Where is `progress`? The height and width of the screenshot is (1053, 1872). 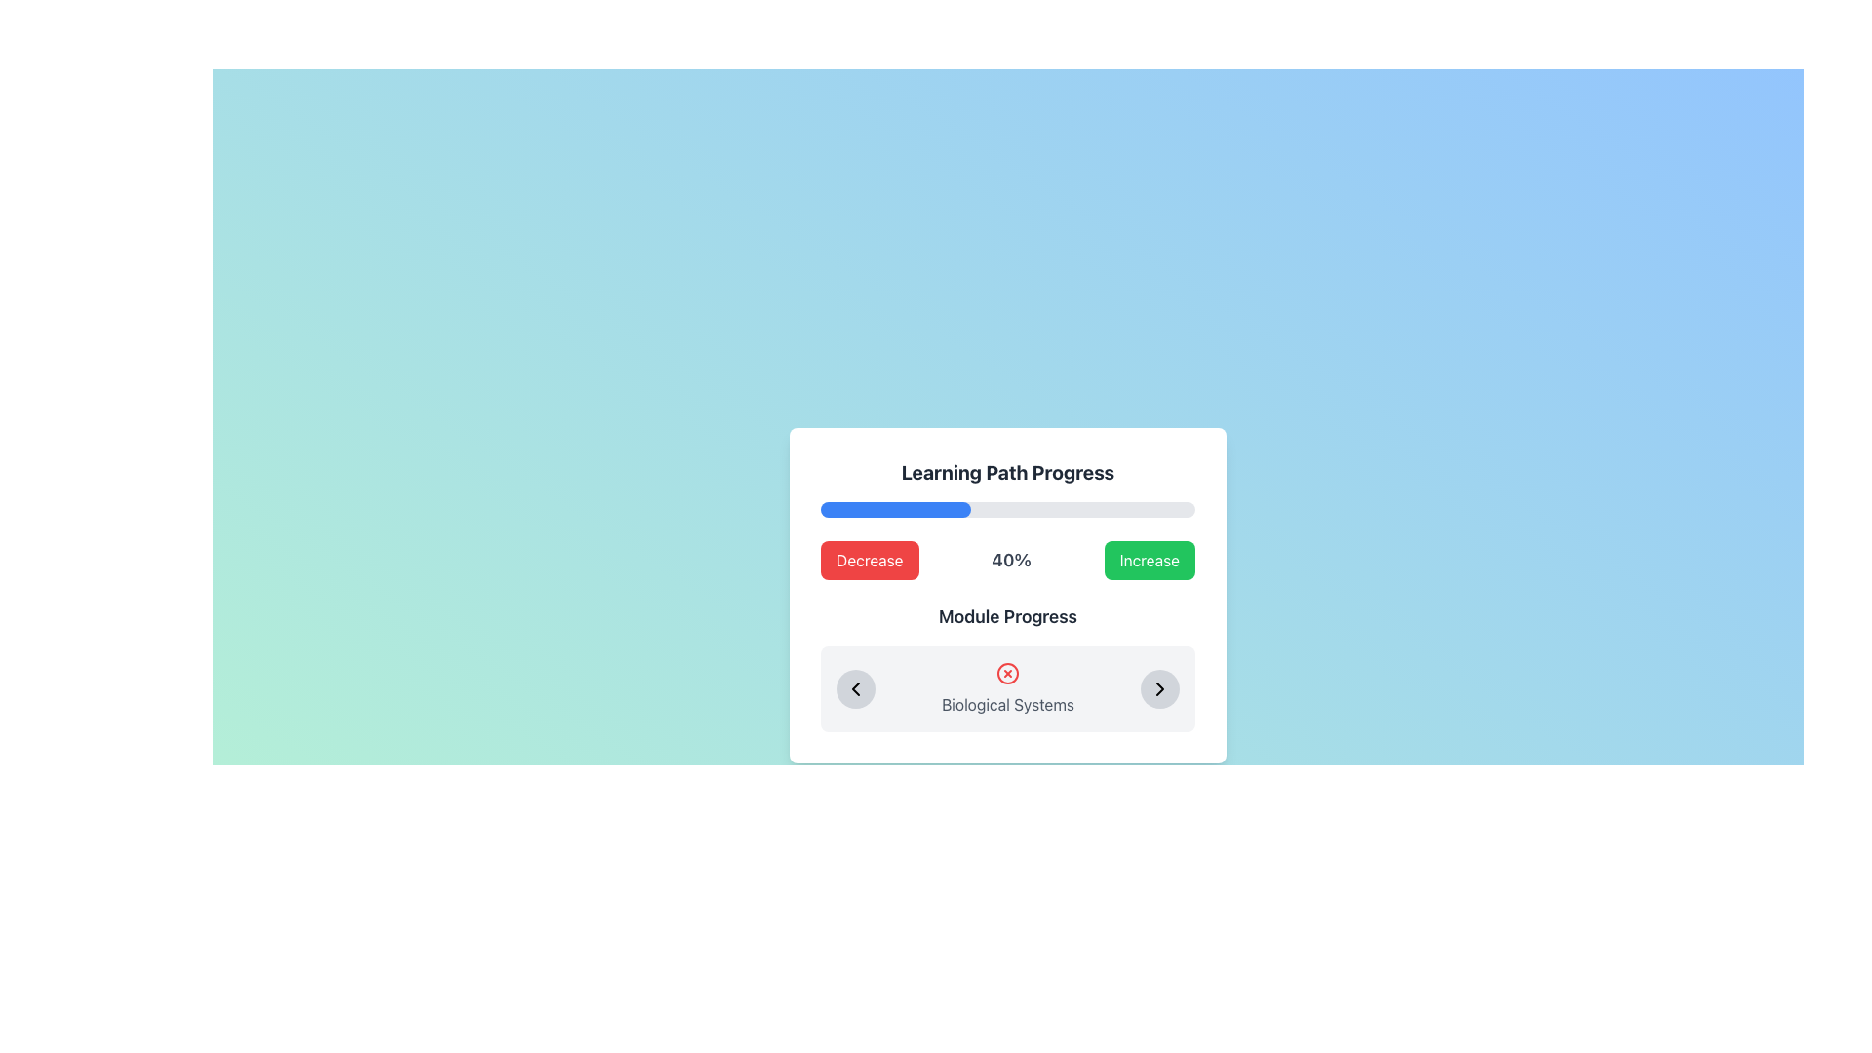
progress is located at coordinates (1029, 509).